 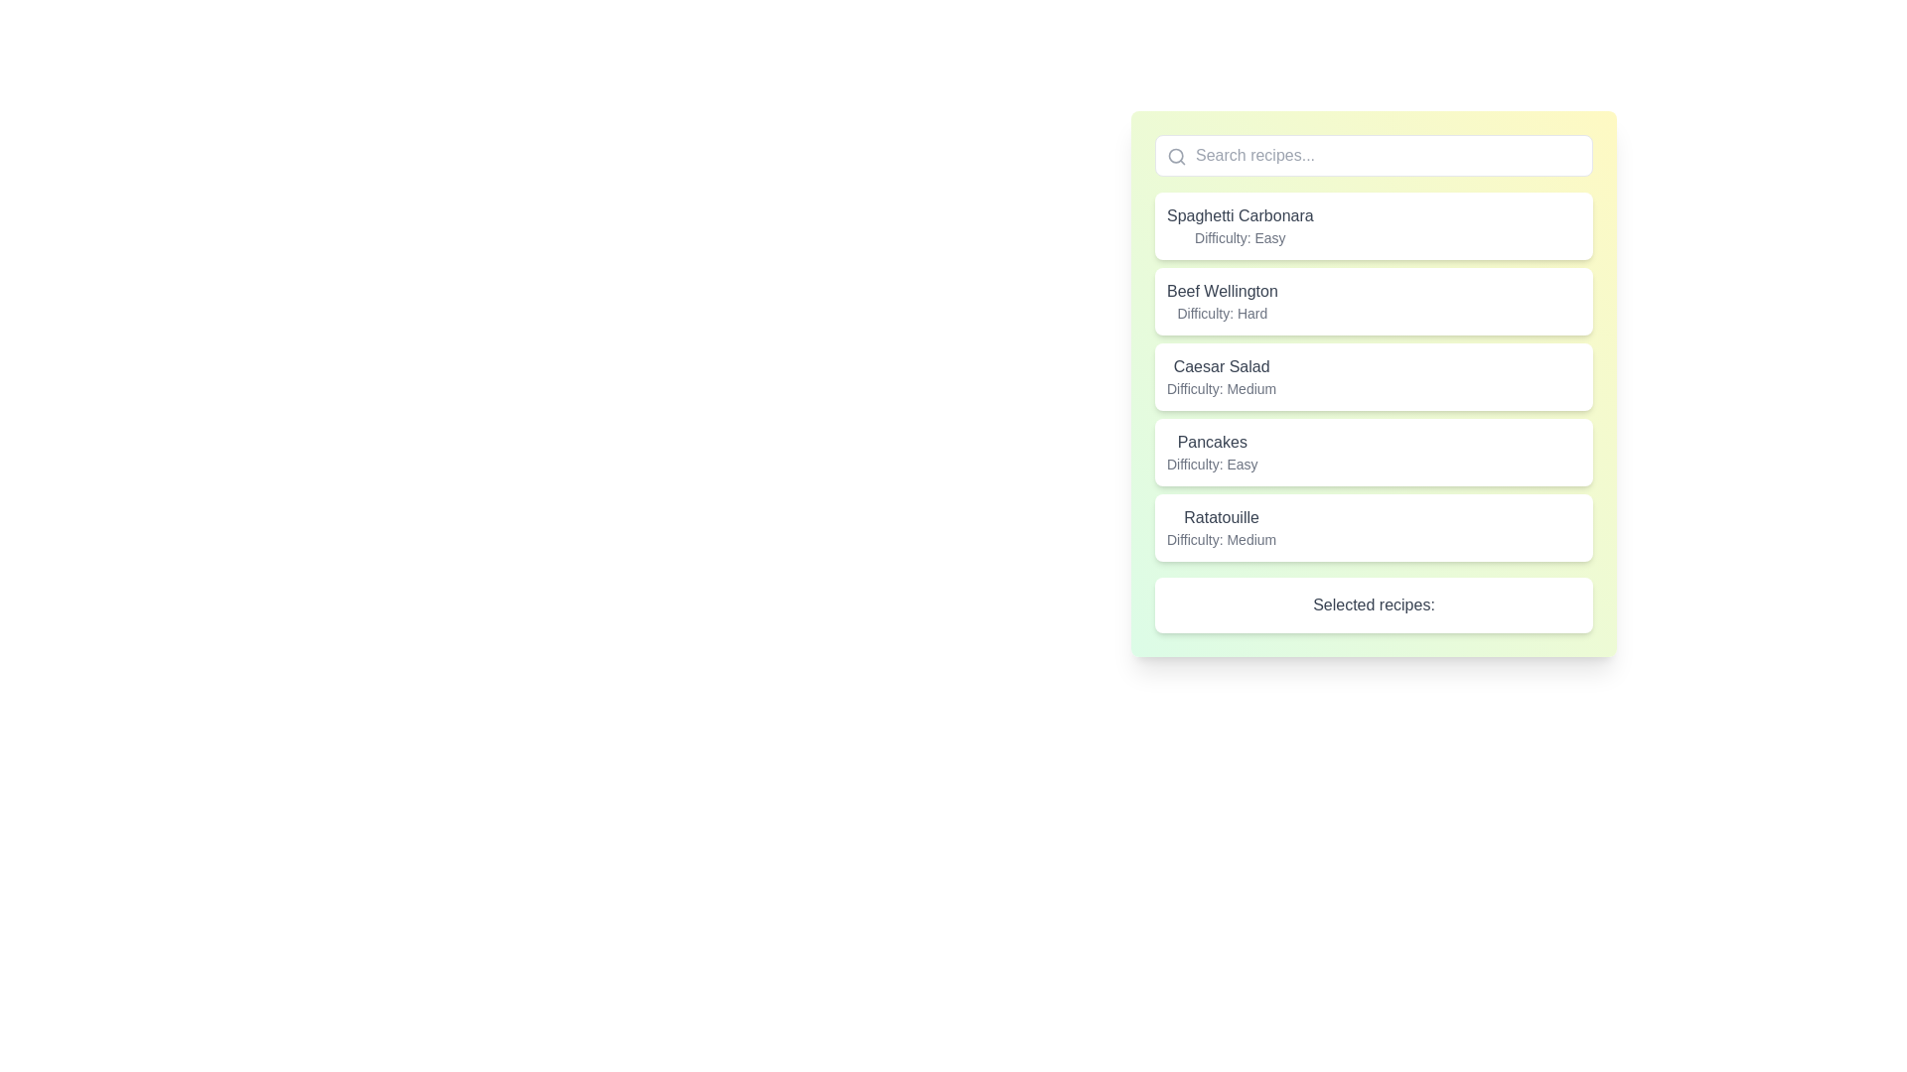 I want to click on the text label displaying 'Ratatouille' to read it, so click(x=1221, y=516).